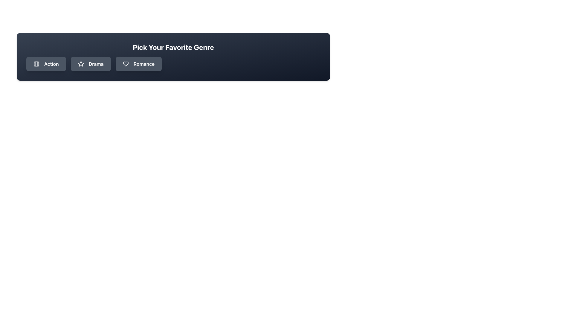 This screenshot has width=574, height=323. I want to click on the button labeled 'Romance' that contains the Romance genre icon, so click(125, 64).